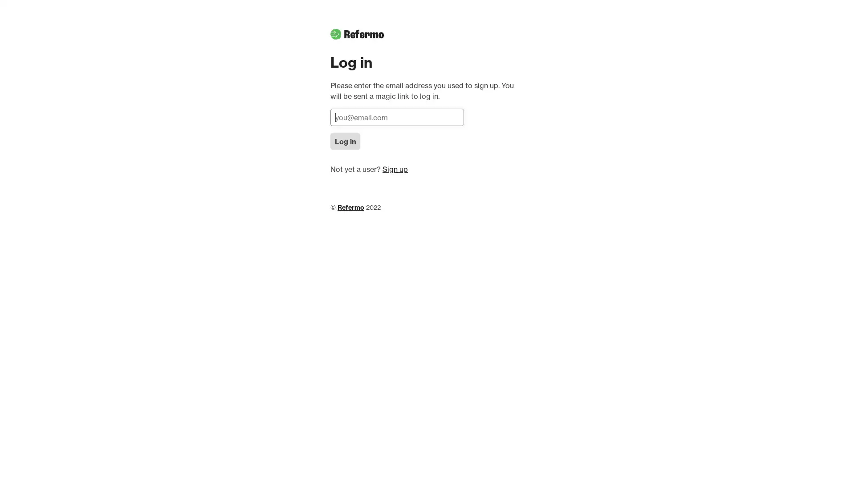 The height and width of the screenshot is (481, 855). What do you see at coordinates (345, 141) in the screenshot?
I see `Log in` at bounding box center [345, 141].